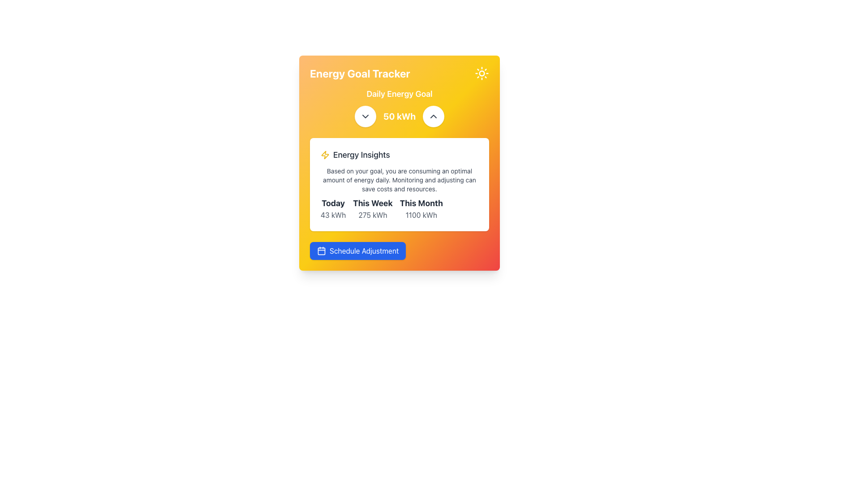 The image size is (860, 484). I want to click on the circular button with a white background and upward-pointing chevron icon, so click(434, 116).